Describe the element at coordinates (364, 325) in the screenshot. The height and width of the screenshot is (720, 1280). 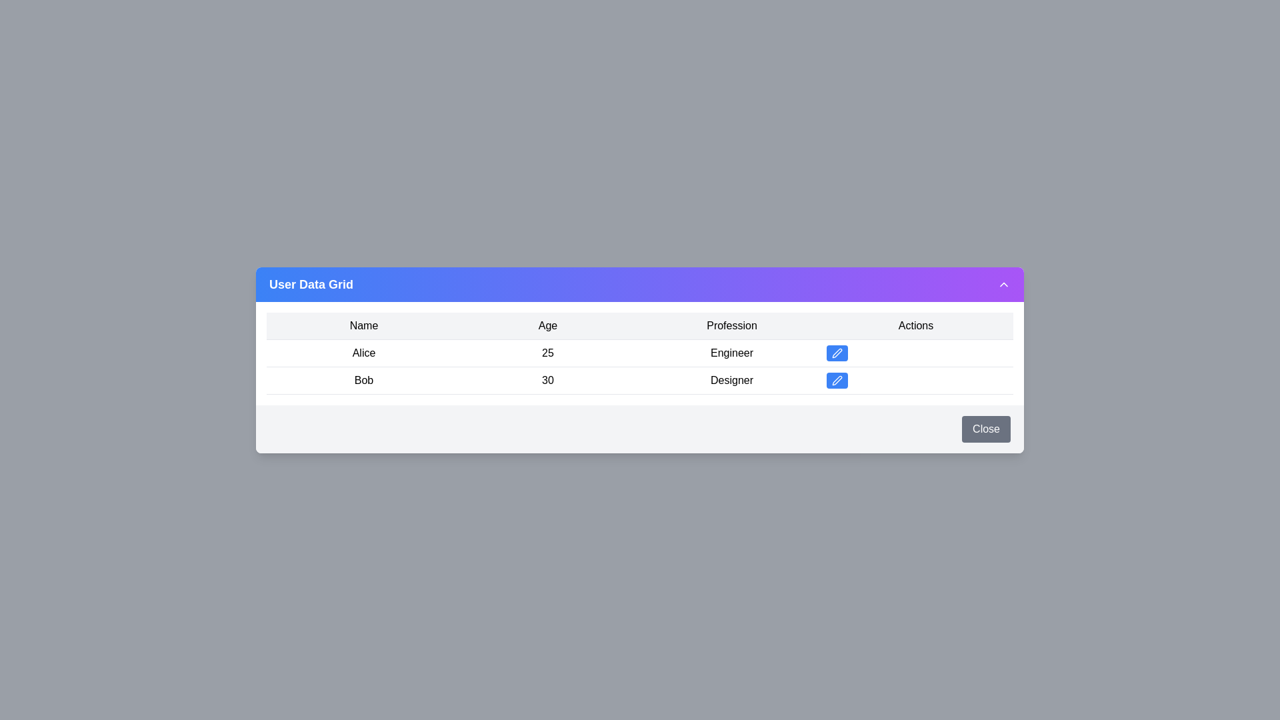
I see `the 'Name' text label, which is bold and centered in the header row of the data grid` at that location.